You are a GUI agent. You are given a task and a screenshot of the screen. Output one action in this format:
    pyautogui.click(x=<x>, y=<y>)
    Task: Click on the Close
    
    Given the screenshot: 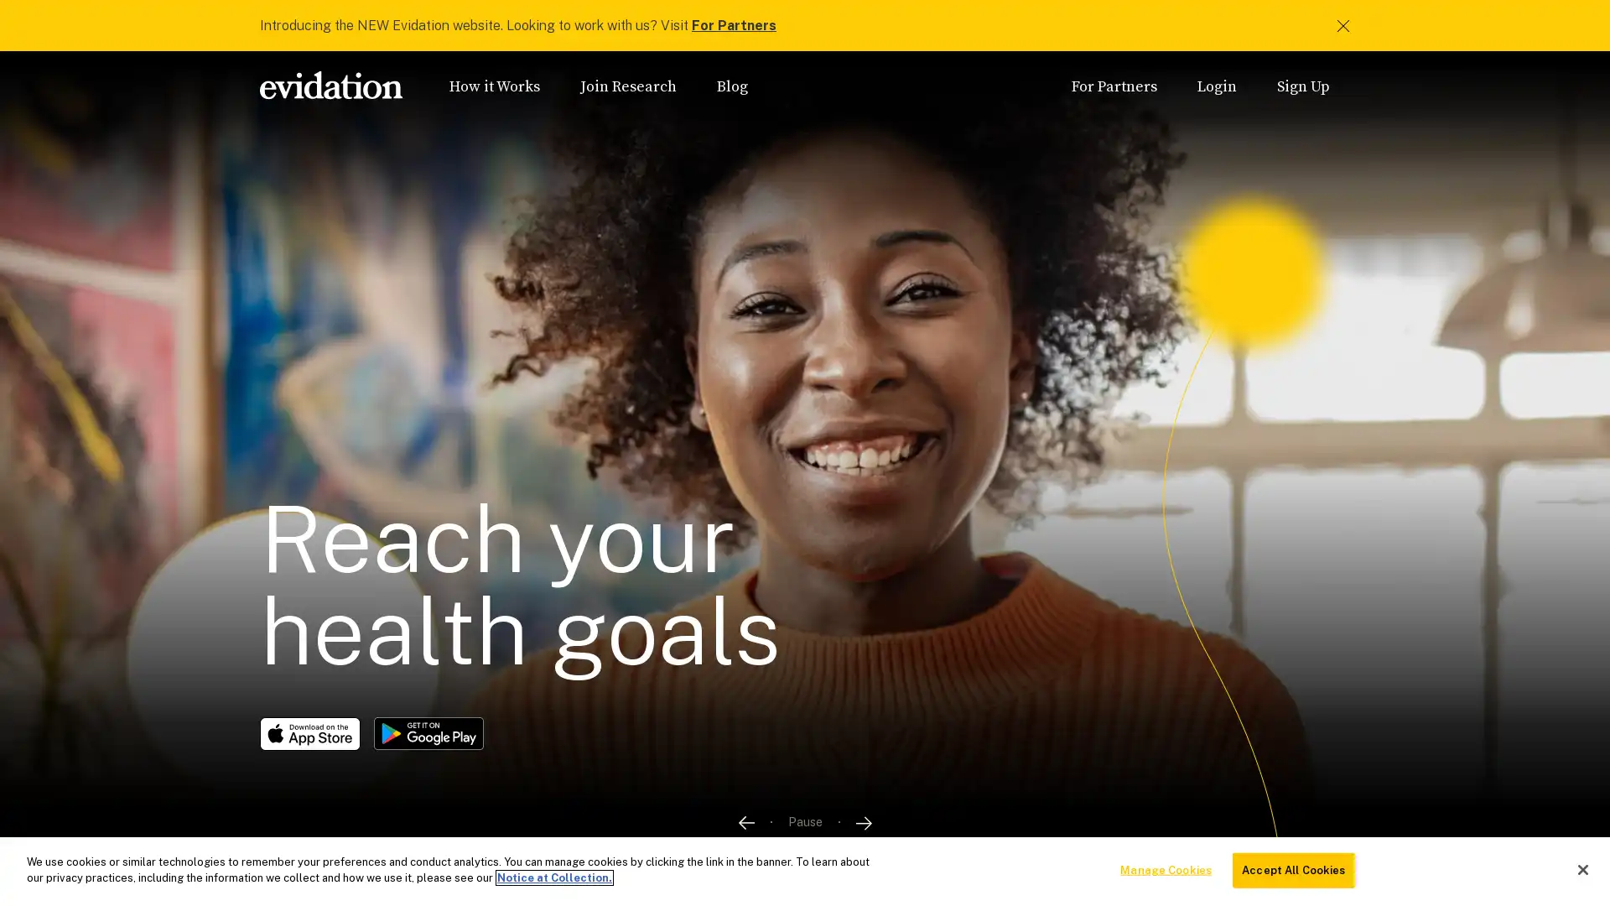 What is the action you would take?
    pyautogui.click(x=1581, y=868)
    